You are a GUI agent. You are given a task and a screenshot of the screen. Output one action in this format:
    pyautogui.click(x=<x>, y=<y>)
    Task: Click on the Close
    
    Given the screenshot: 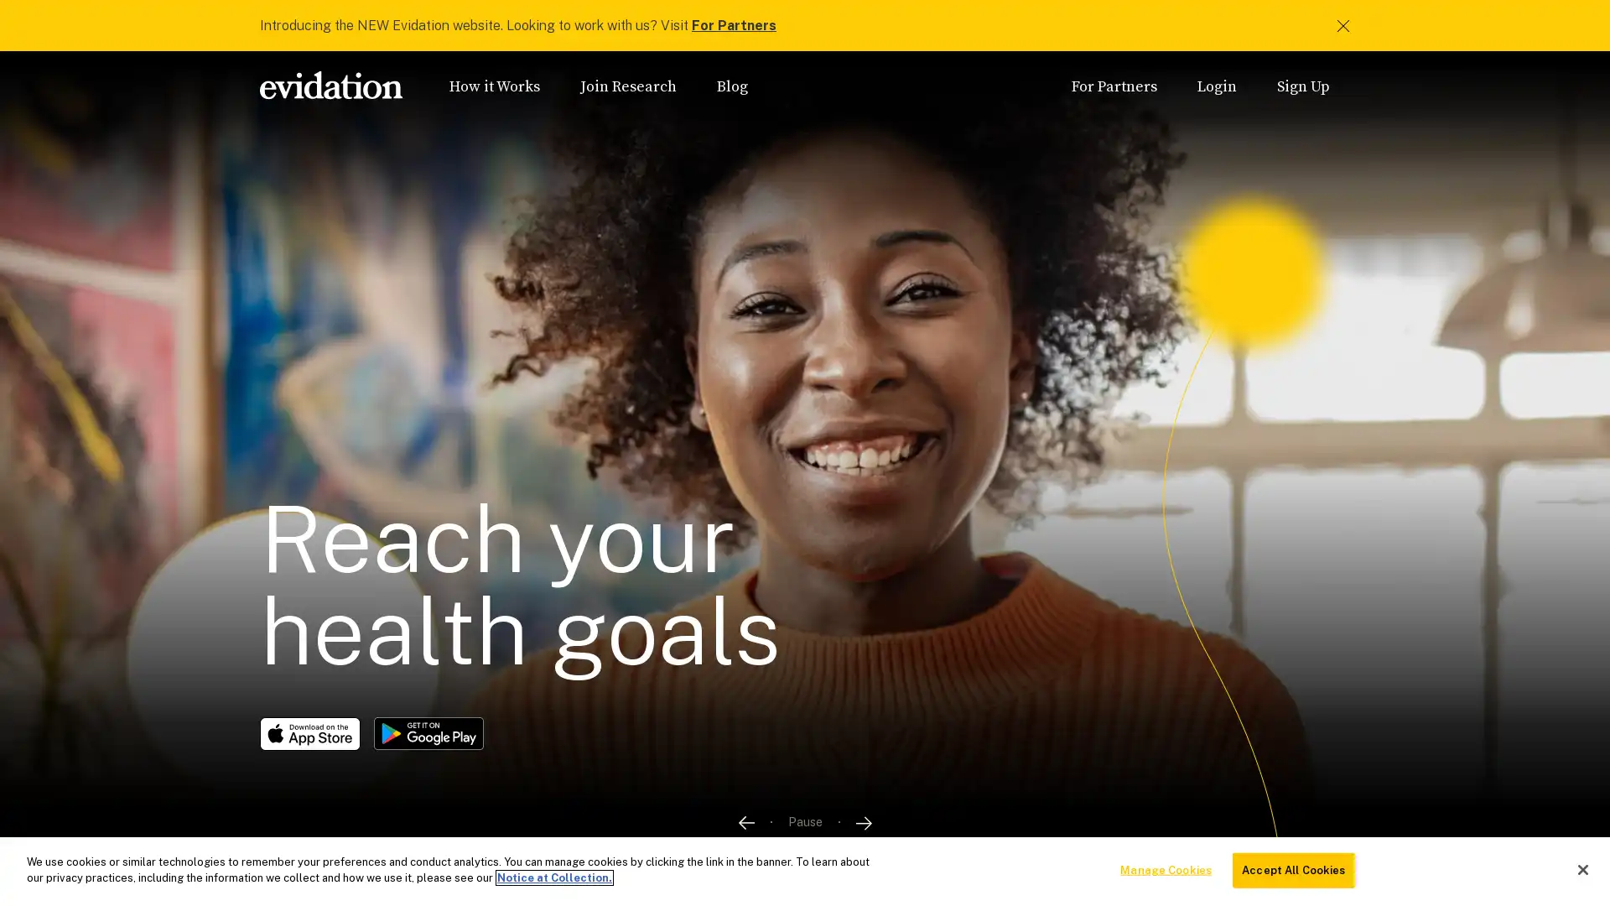 What is the action you would take?
    pyautogui.click(x=1581, y=868)
    